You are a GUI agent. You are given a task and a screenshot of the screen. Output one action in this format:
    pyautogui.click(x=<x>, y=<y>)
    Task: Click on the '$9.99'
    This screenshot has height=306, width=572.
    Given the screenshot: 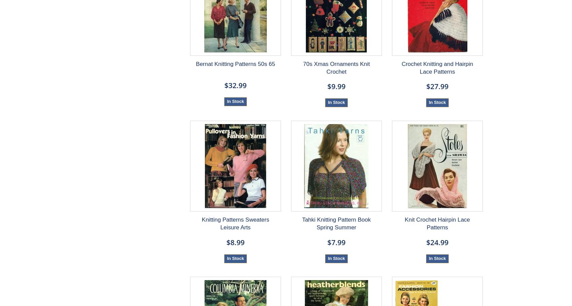 What is the action you would take?
    pyautogui.click(x=335, y=86)
    